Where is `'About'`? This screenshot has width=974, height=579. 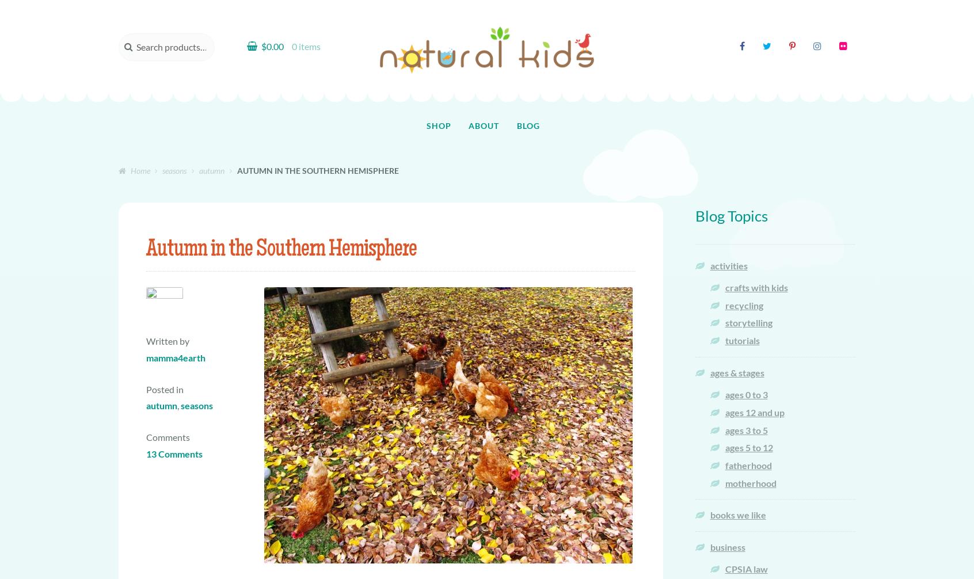 'About' is located at coordinates (484, 125).